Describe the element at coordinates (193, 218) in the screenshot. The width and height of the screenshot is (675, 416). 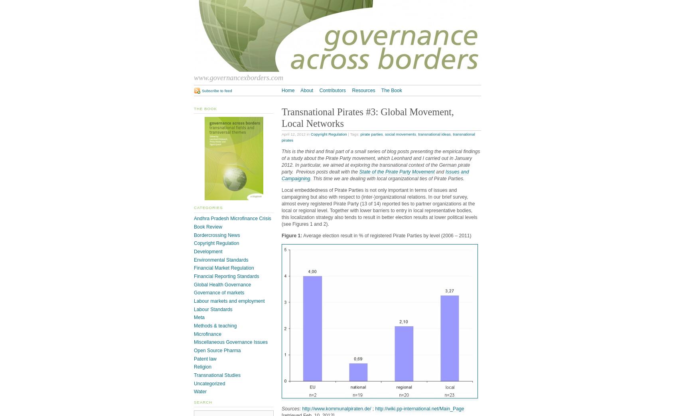
I see `'Andhra Pradesh Microfinance Crisis'` at that location.